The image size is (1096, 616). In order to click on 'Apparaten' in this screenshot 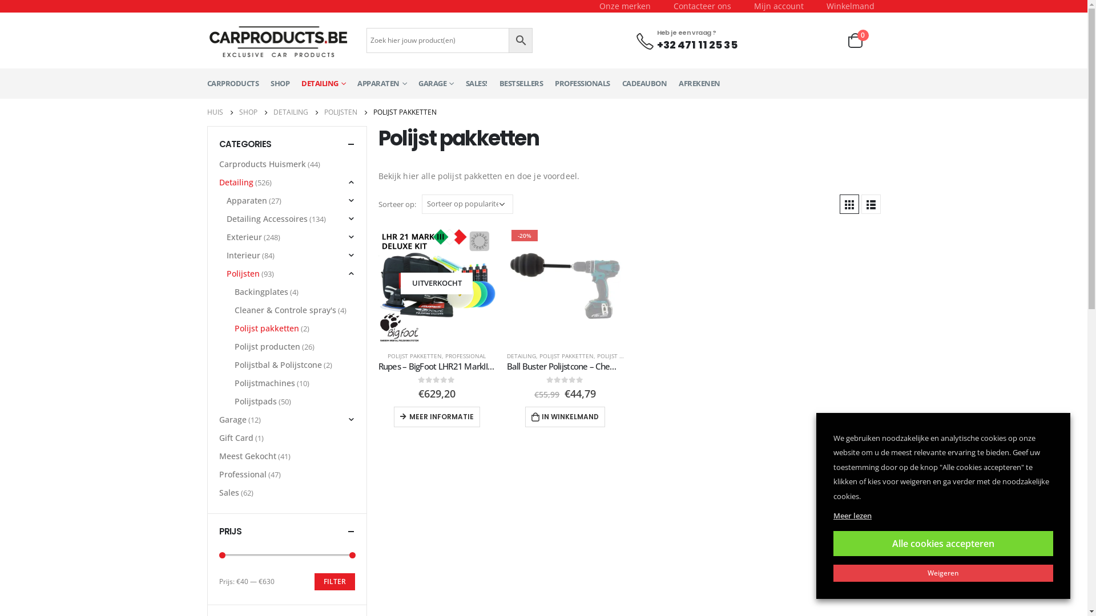, I will do `click(246, 200)`.